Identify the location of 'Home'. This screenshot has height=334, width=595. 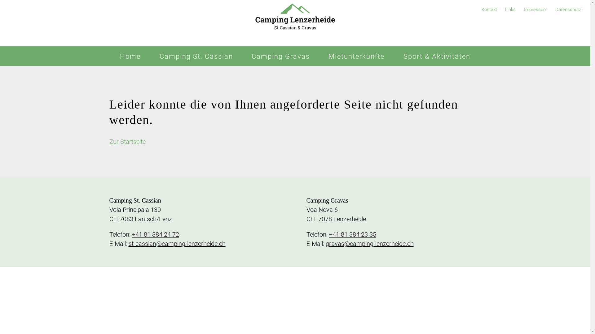
(130, 56).